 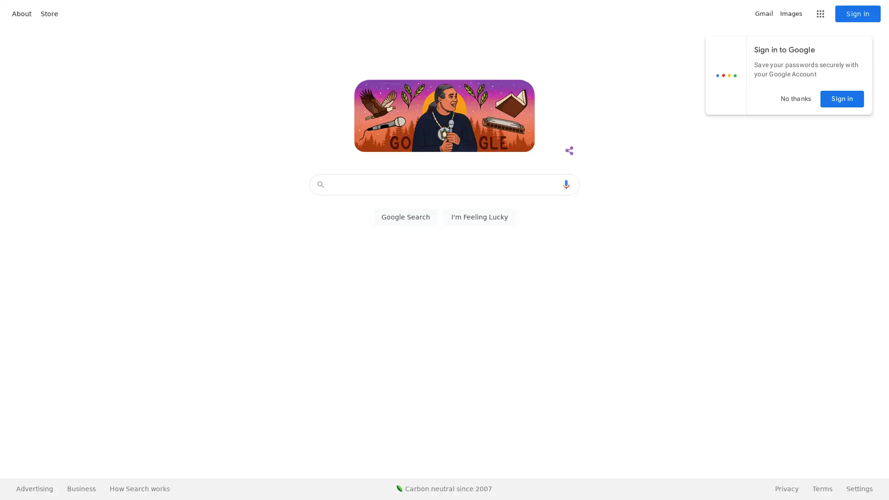 What do you see at coordinates (820, 14) in the screenshot?
I see `Google apps` at bounding box center [820, 14].